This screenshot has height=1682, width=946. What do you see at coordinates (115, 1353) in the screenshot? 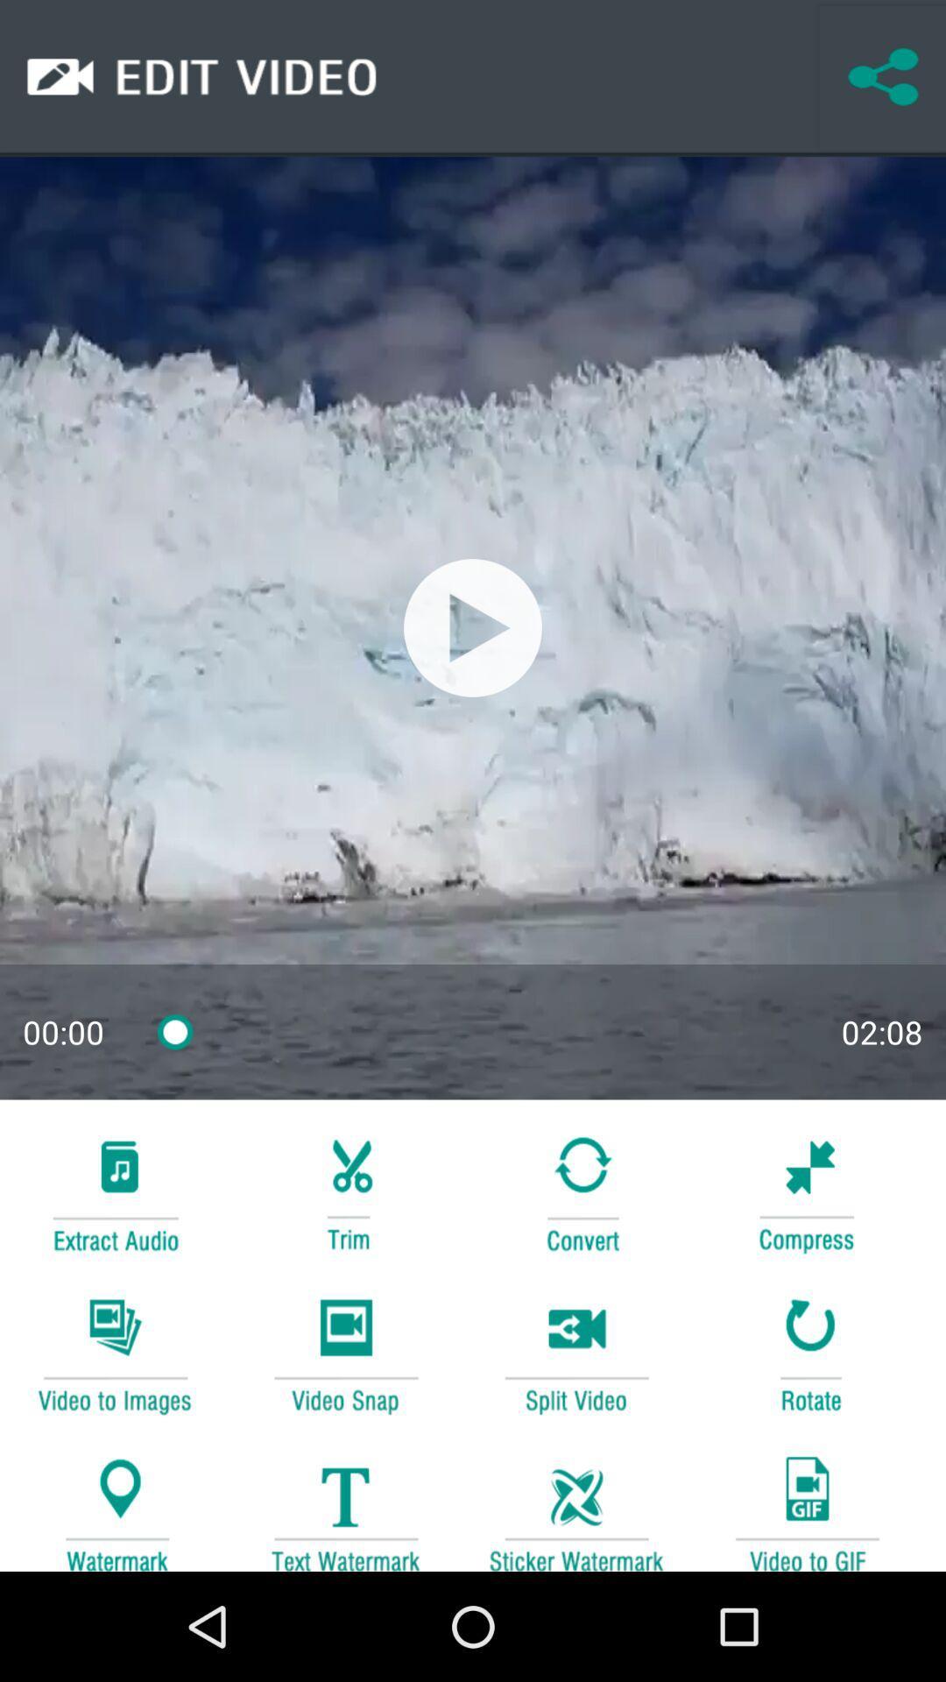
I see `video to images` at bounding box center [115, 1353].